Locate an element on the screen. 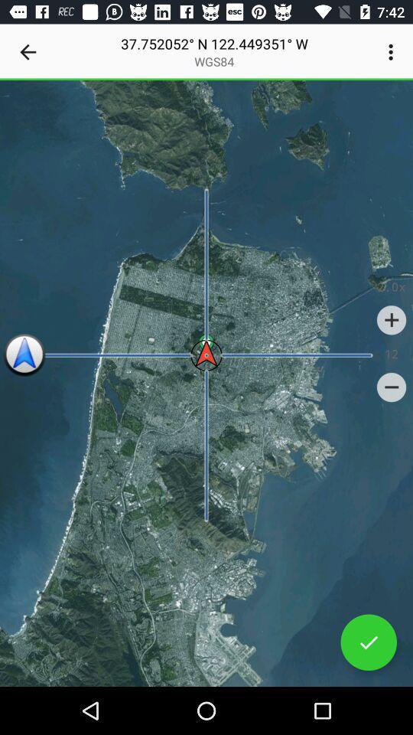 The width and height of the screenshot is (413, 735). the icon below 2.0x icon is located at coordinates (392, 319).